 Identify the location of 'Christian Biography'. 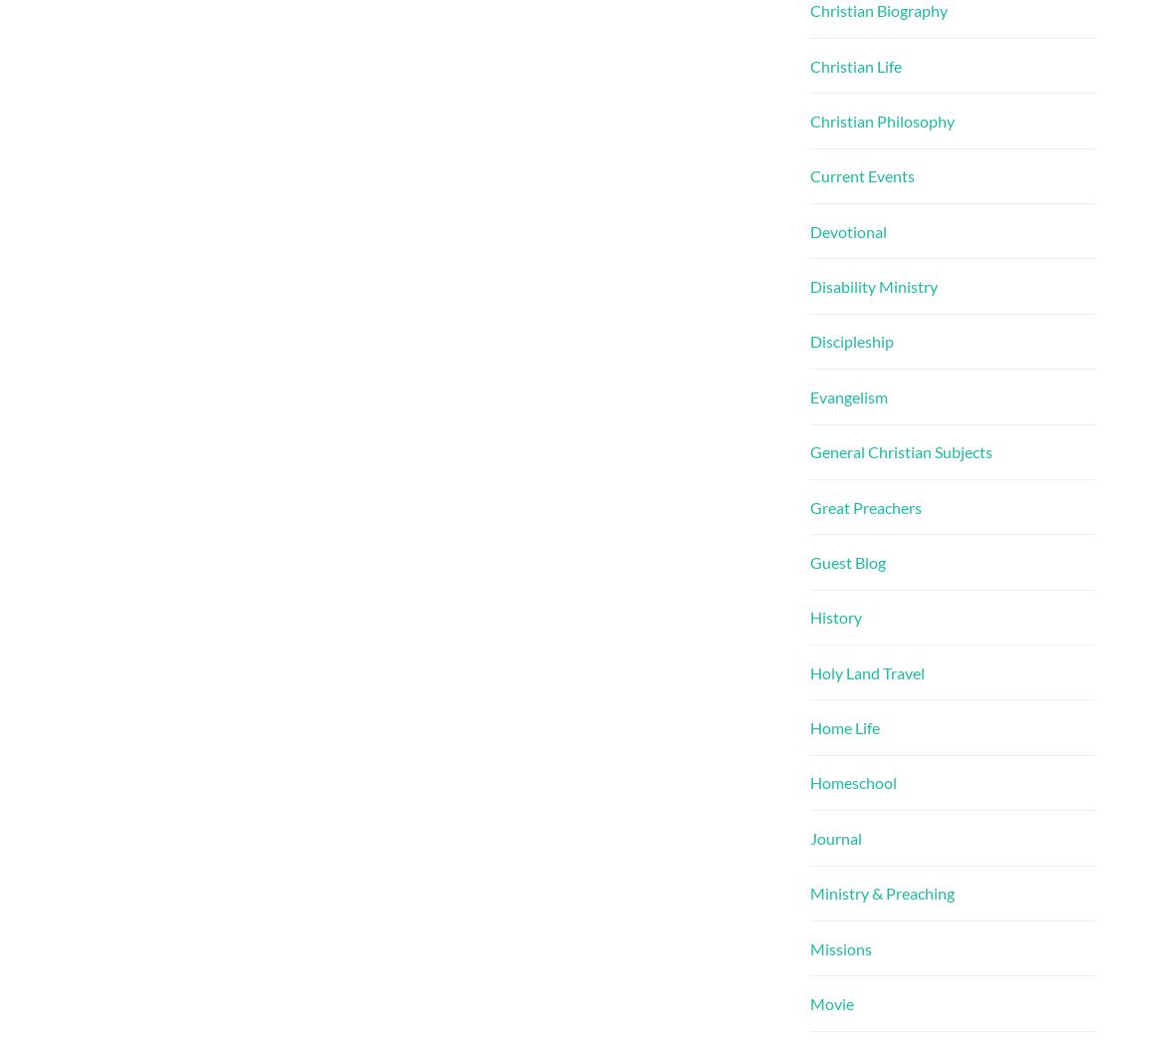
(879, 10).